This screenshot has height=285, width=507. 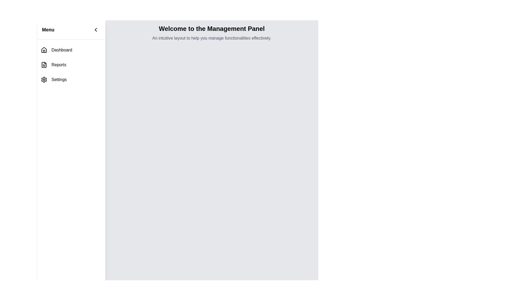 What do you see at coordinates (44, 50) in the screenshot?
I see `the house-shaped icon` at bounding box center [44, 50].